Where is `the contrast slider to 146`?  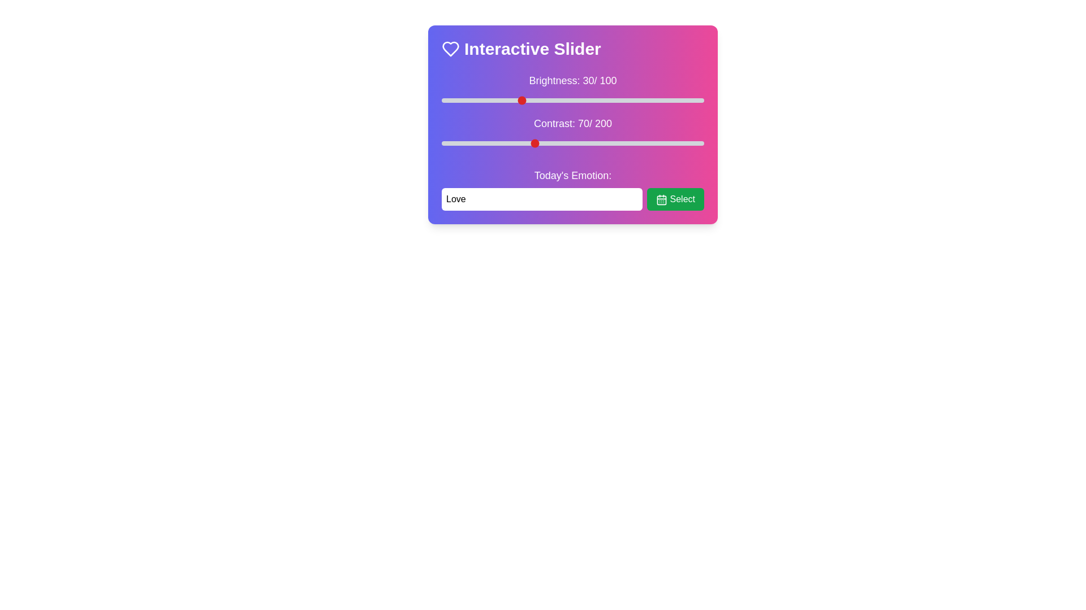 the contrast slider to 146 is located at coordinates (632, 143).